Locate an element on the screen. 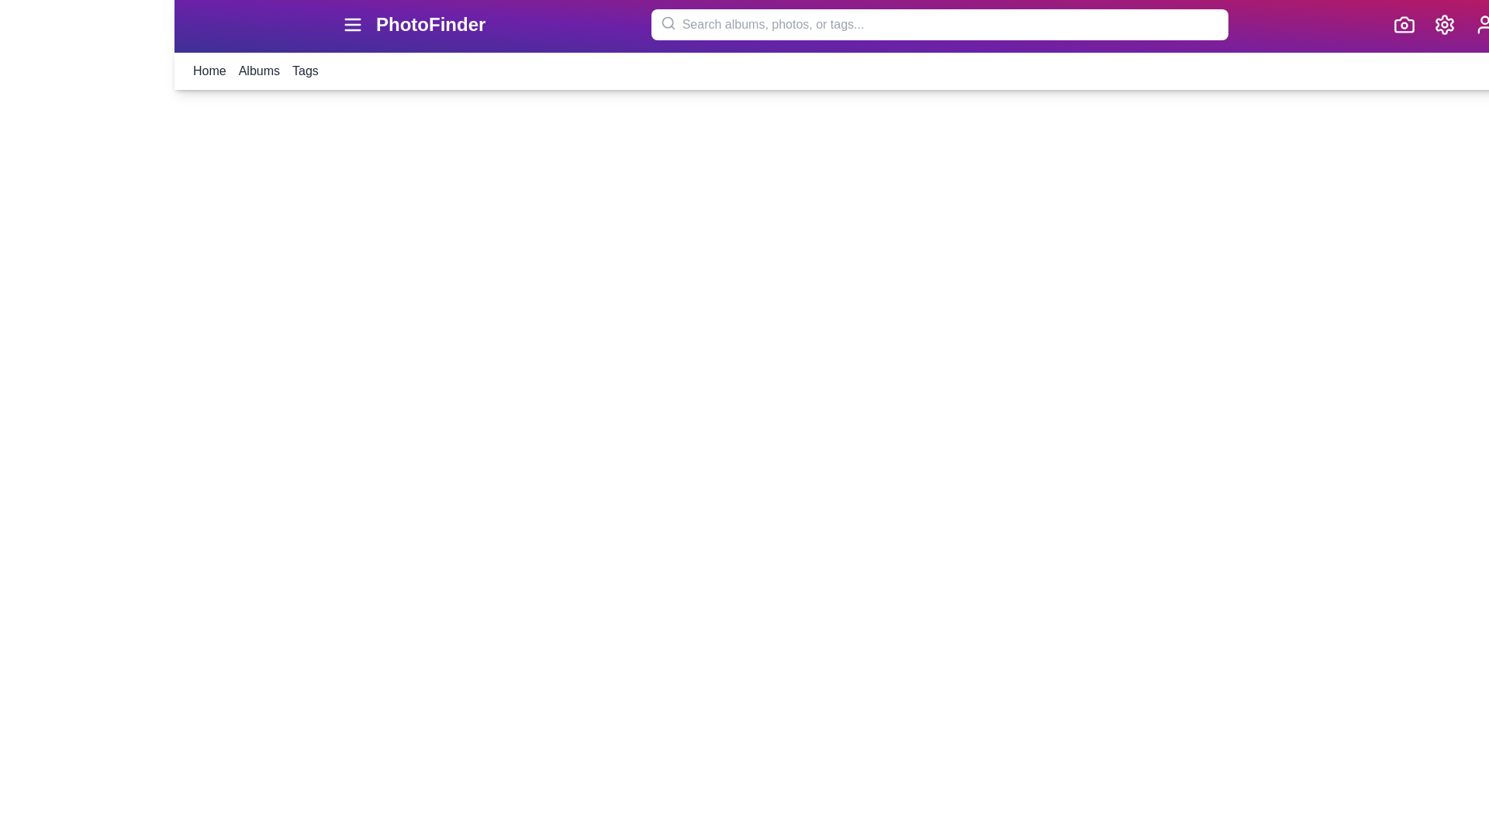  the 'PhotoFinder' title in the application bar is located at coordinates (430, 24).